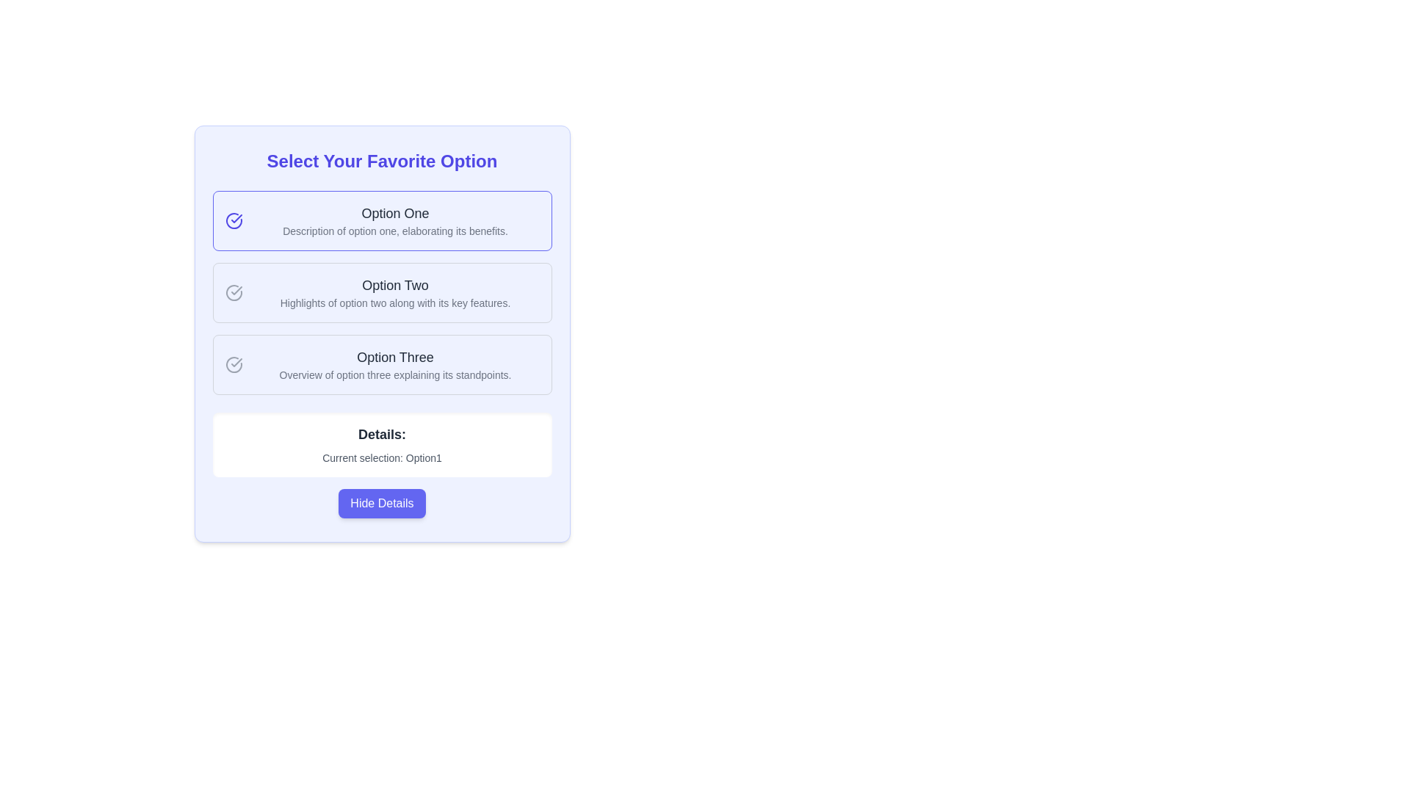 This screenshot has width=1410, height=793. Describe the element at coordinates (382, 364) in the screenshot. I see `the third radio option button labeled 'Option Three'` at that location.